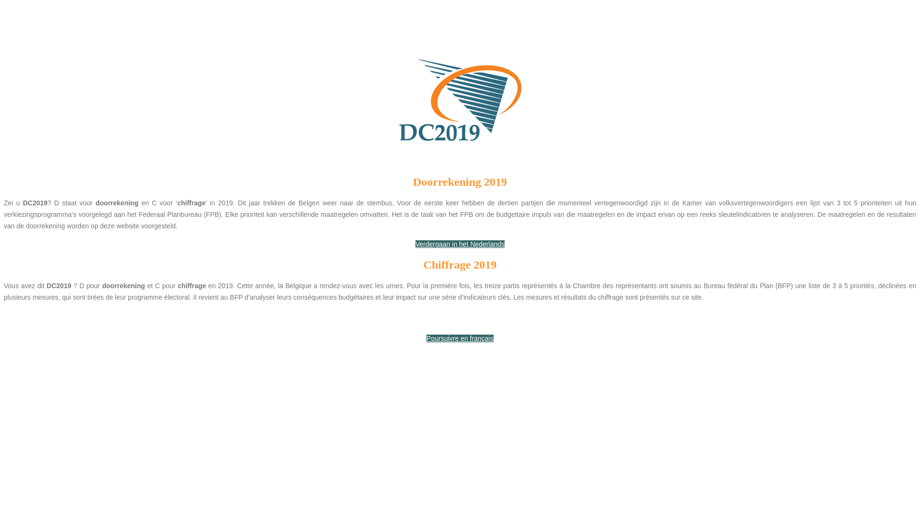 The height and width of the screenshot is (517, 920). What do you see at coordinates (460, 243) in the screenshot?
I see `'Verdergaan in het Nederlands'` at bounding box center [460, 243].